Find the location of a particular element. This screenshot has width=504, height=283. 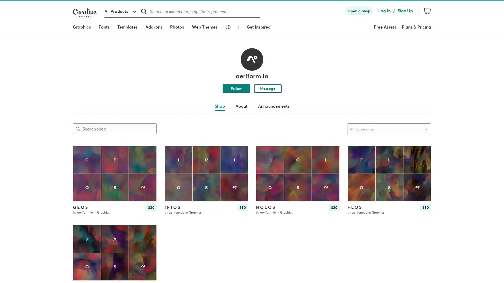

Pin to Pinterest is located at coordinates (81, 154).